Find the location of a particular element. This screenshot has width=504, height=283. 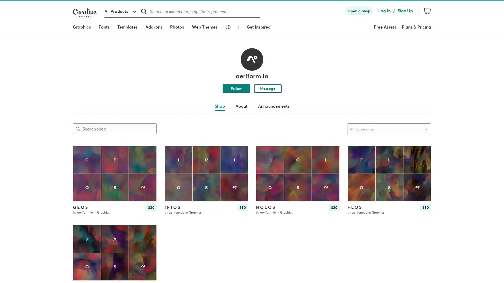

Pin to Pinterest is located at coordinates (81, 154).